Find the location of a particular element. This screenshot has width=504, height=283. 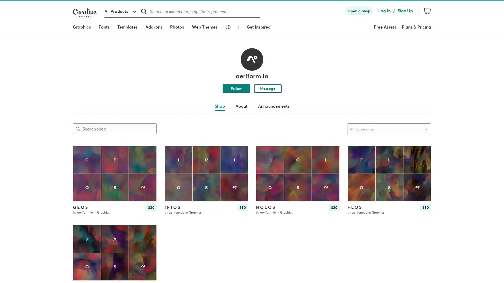

Pin to Pinterest is located at coordinates (81, 154).